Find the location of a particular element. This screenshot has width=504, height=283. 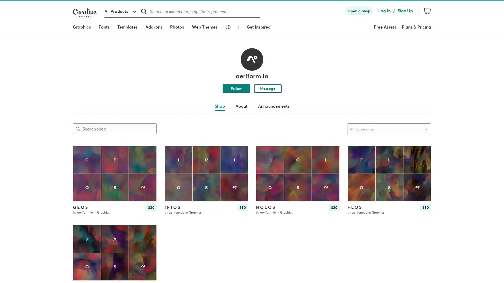

Pin to Pinterest is located at coordinates (81, 154).